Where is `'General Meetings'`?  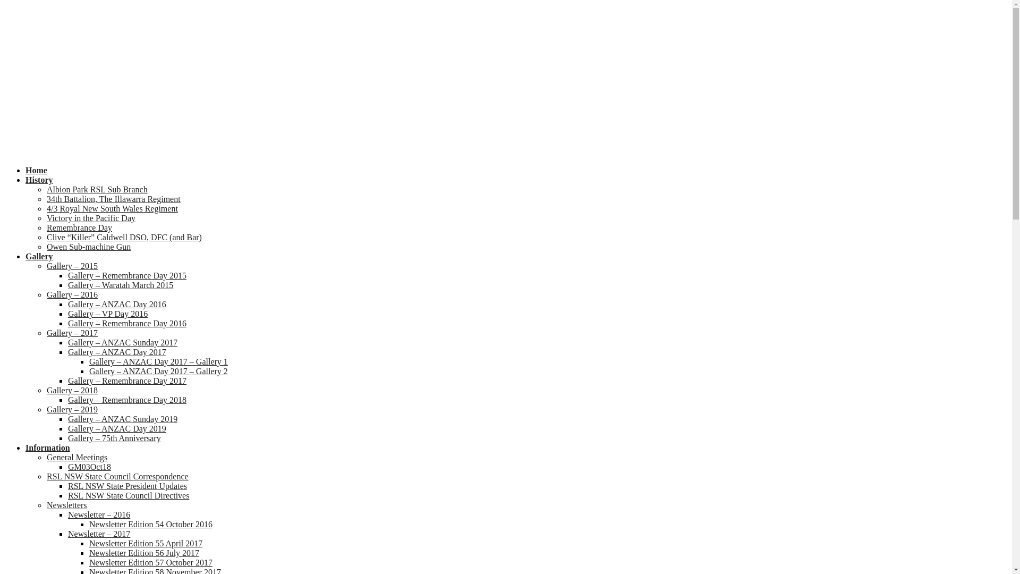
'General Meetings' is located at coordinates (46, 457).